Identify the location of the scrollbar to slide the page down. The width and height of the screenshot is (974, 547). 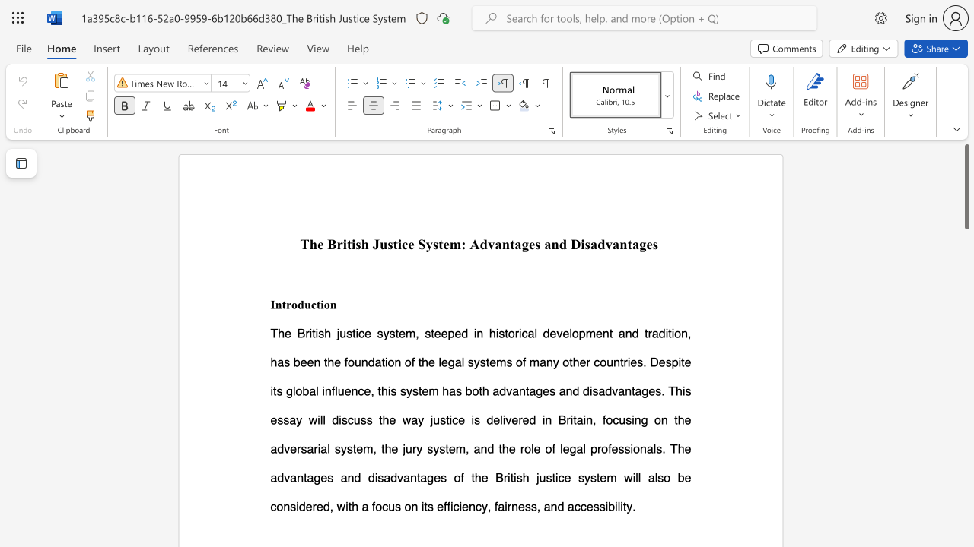
(966, 296).